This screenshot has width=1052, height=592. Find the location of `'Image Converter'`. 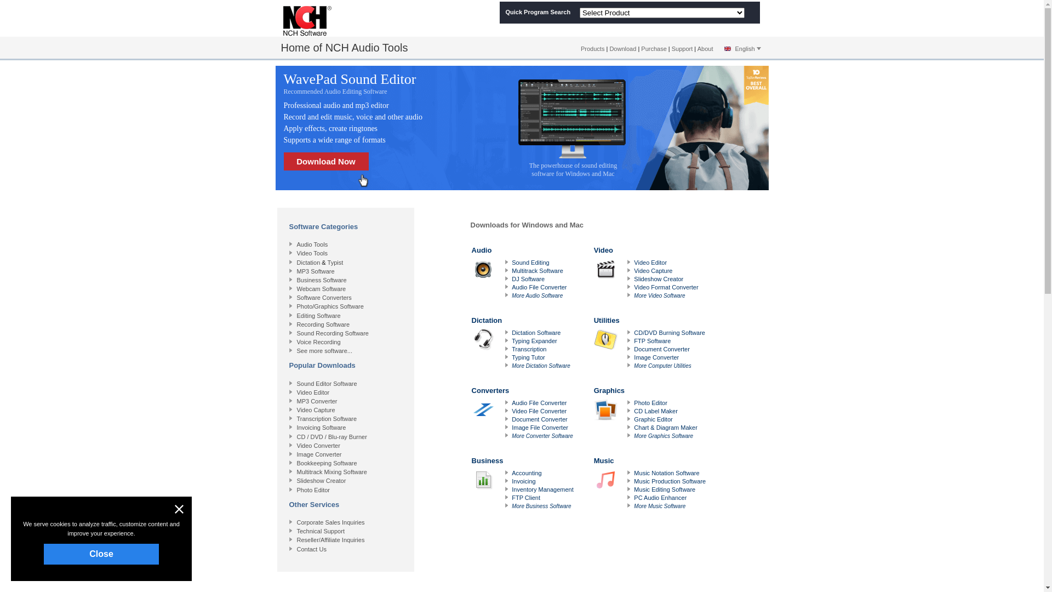

'Image Converter' is located at coordinates (318, 454).